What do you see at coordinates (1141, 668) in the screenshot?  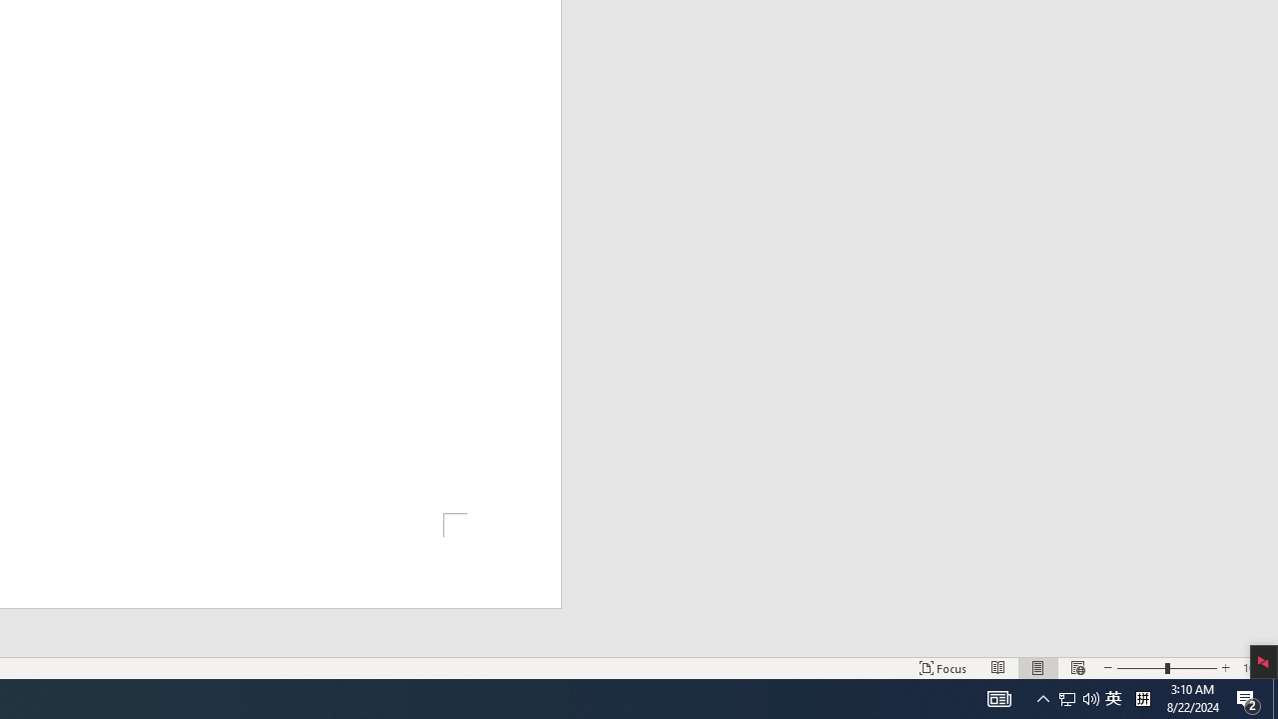 I see `'Zoom Out'` at bounding box center [1141, 668].